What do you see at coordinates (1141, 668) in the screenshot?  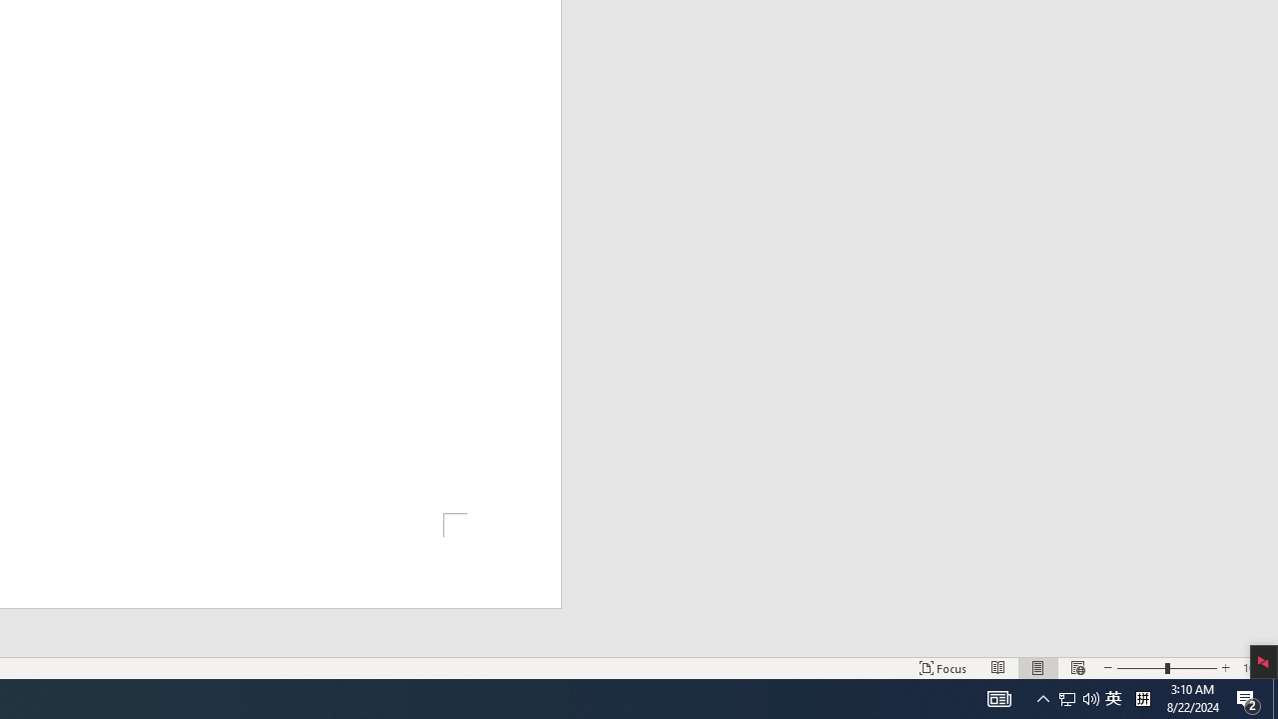 I see `'Zoom Out'` at bounding box center [1141, 668].